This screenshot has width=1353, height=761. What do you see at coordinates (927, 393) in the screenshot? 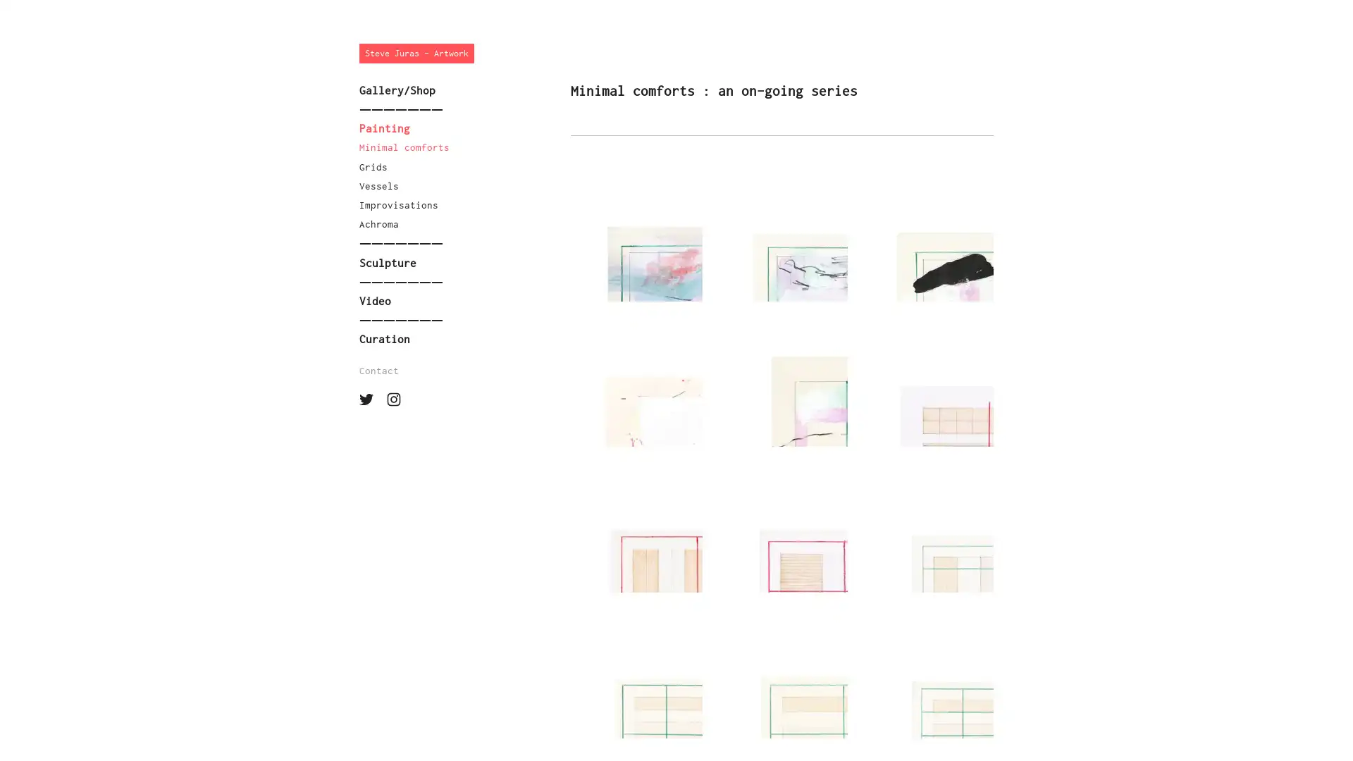
I see `View fullsize Dearly departed` at bounding box center [927, 393].